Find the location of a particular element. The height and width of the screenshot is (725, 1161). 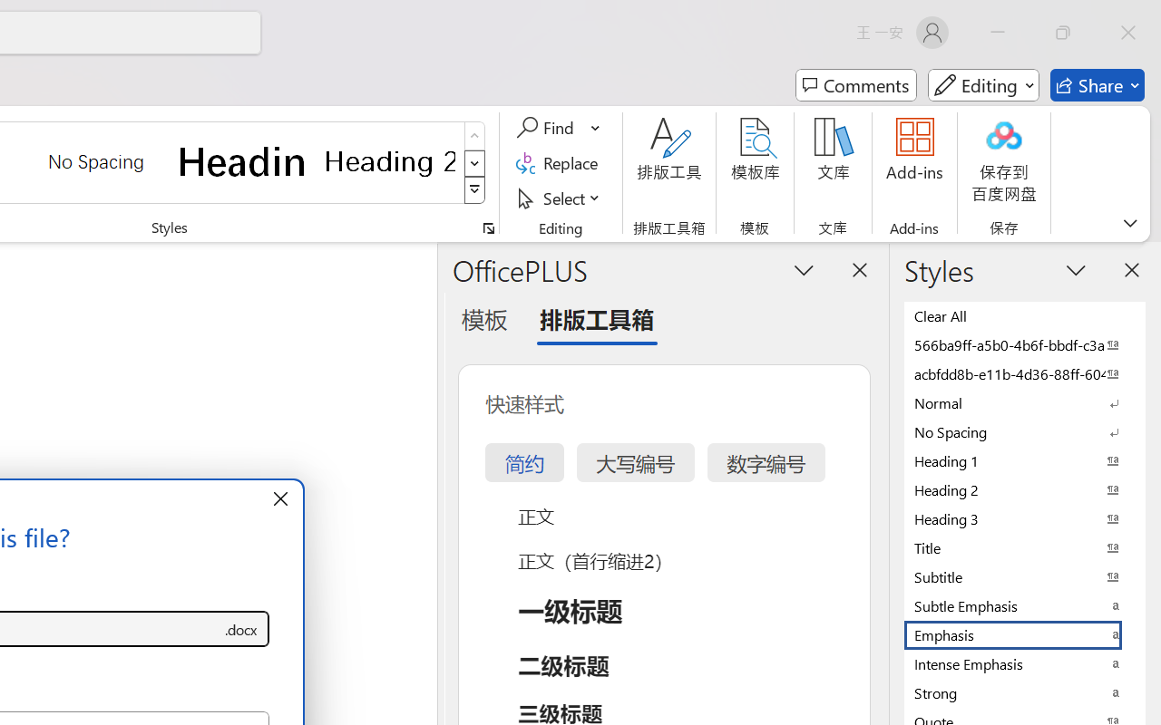

'Normal' is located at coordinates (1025, 401).